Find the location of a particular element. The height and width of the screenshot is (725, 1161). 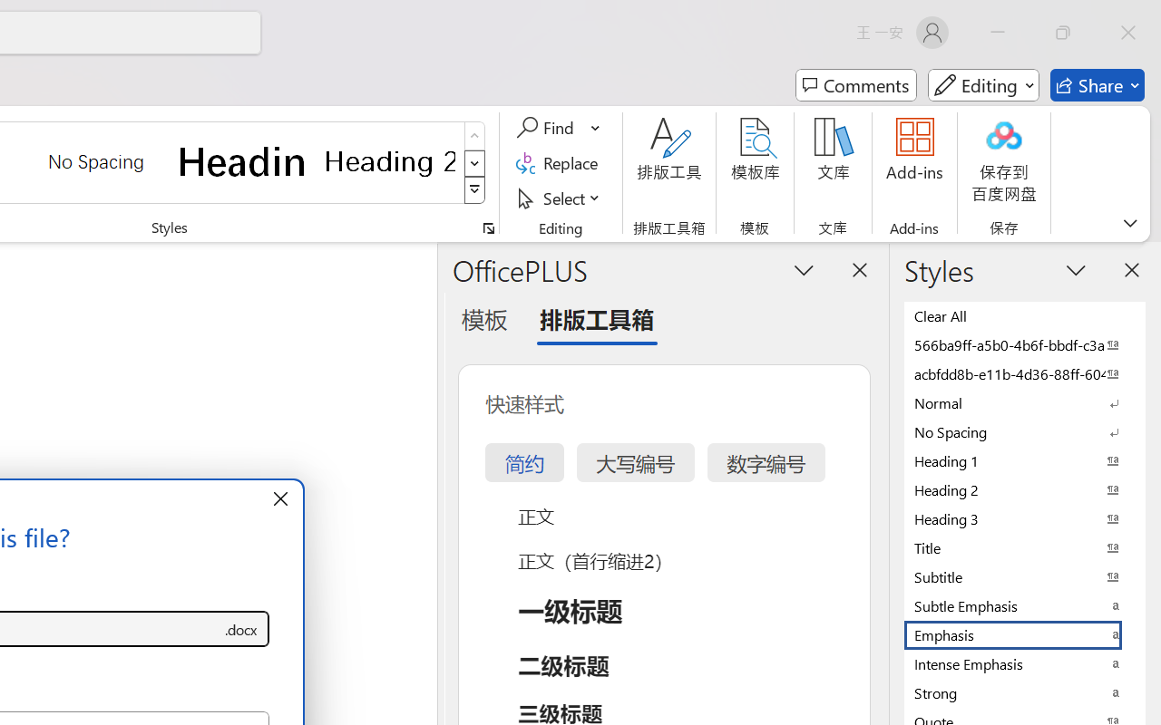

'Normal' is located at coordinates (1025, 401).